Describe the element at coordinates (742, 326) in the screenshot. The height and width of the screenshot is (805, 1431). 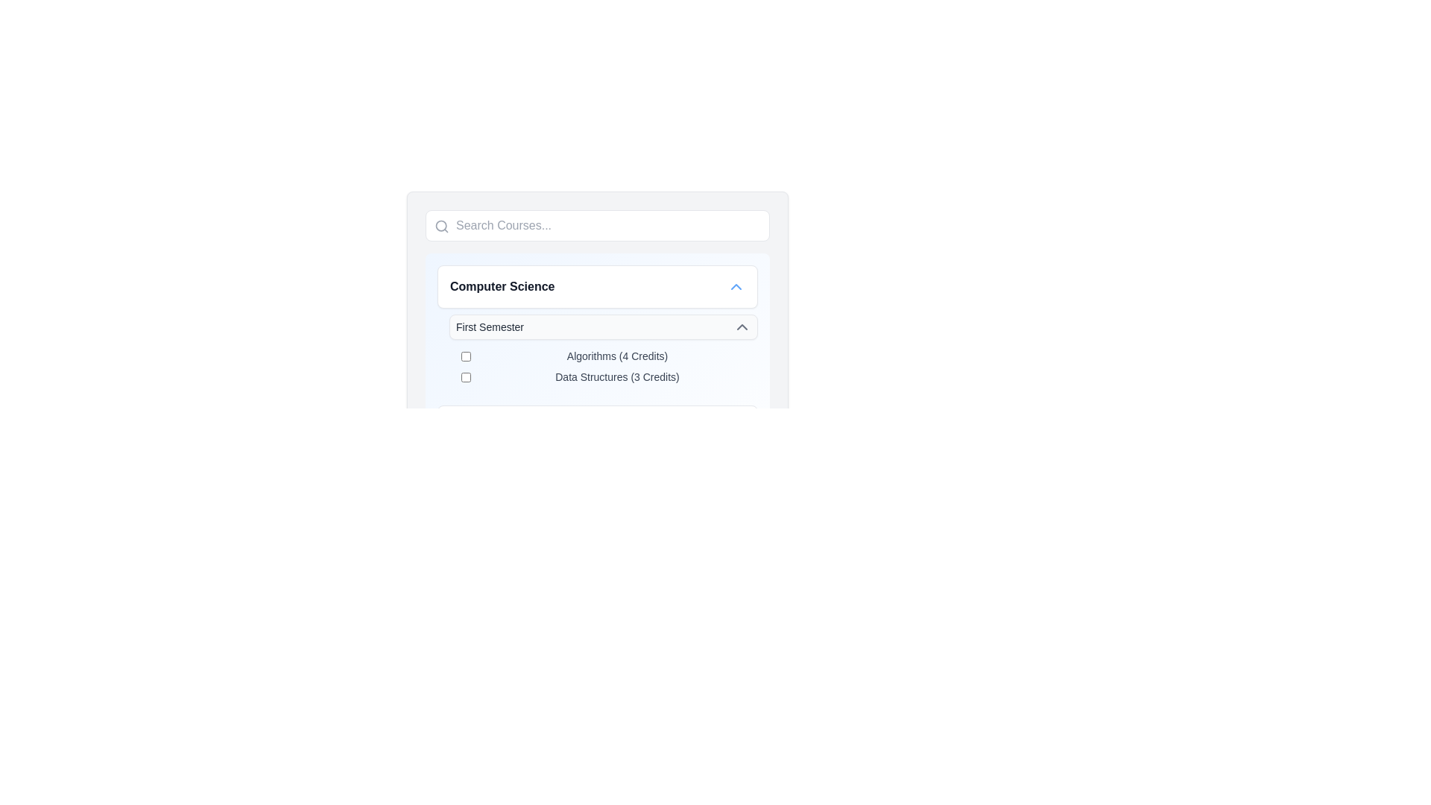
I see `the chevron icon located at the right-hand edge of the 'First Semester' bar in the 'Computer Science' section` at that location.